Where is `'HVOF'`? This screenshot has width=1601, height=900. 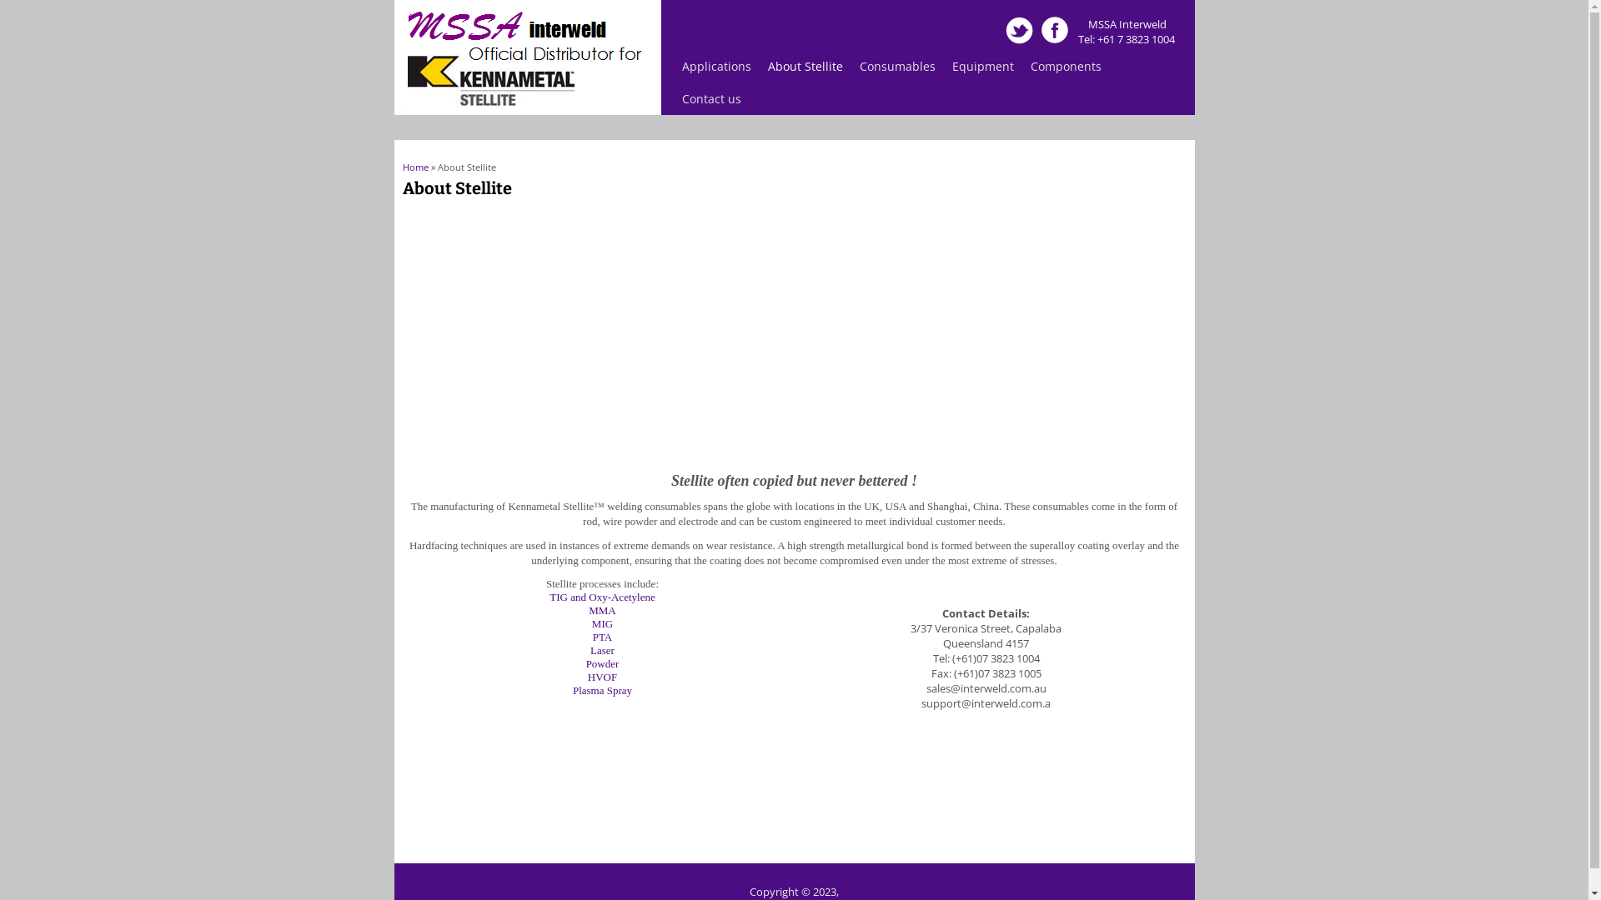 'HVOF' is located at coordinates (601, 677).